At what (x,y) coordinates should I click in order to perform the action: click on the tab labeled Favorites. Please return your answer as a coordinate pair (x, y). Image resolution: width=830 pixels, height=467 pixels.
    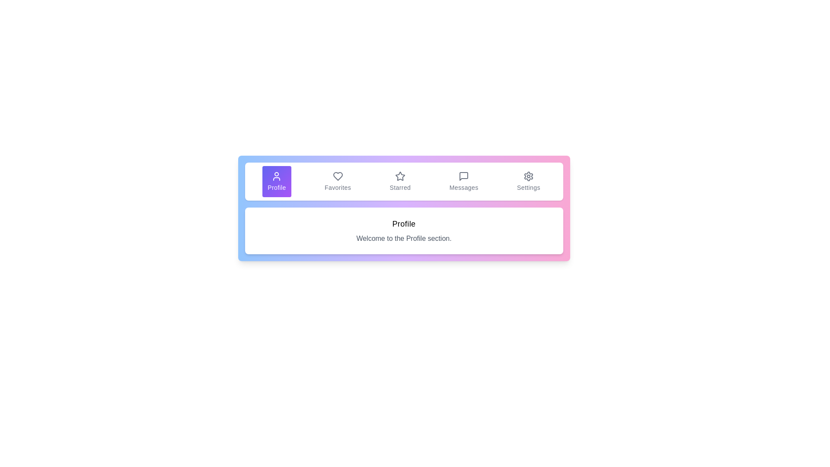
    Looking at the image, I should click on (337, 181).